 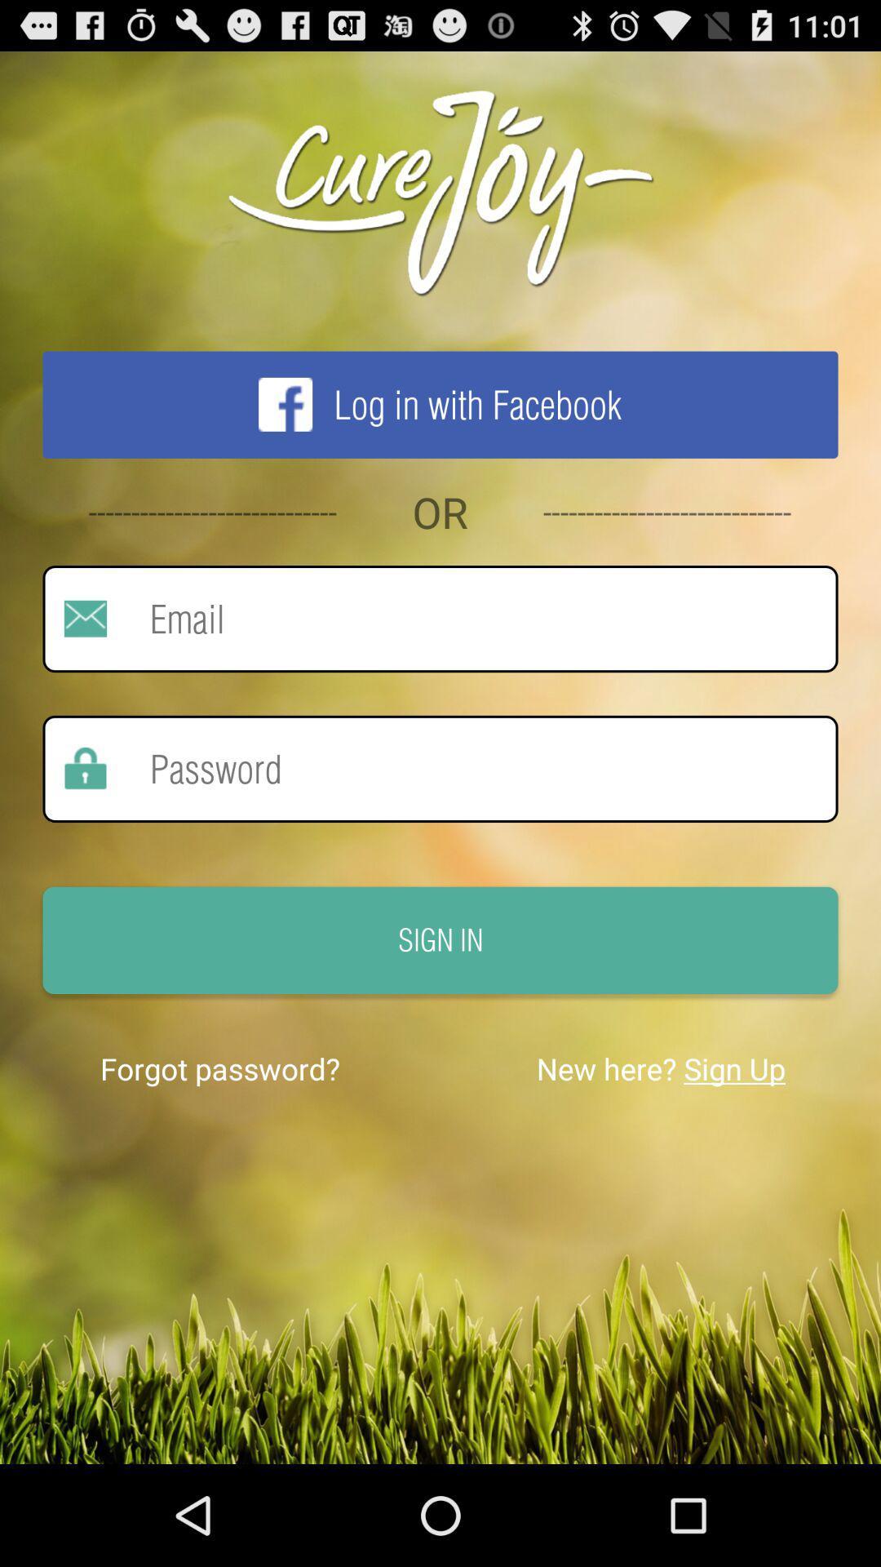 What do you see at coordinates (472, 768) in the screenshot?
I see `insert password` at bounding box center [472, 768].